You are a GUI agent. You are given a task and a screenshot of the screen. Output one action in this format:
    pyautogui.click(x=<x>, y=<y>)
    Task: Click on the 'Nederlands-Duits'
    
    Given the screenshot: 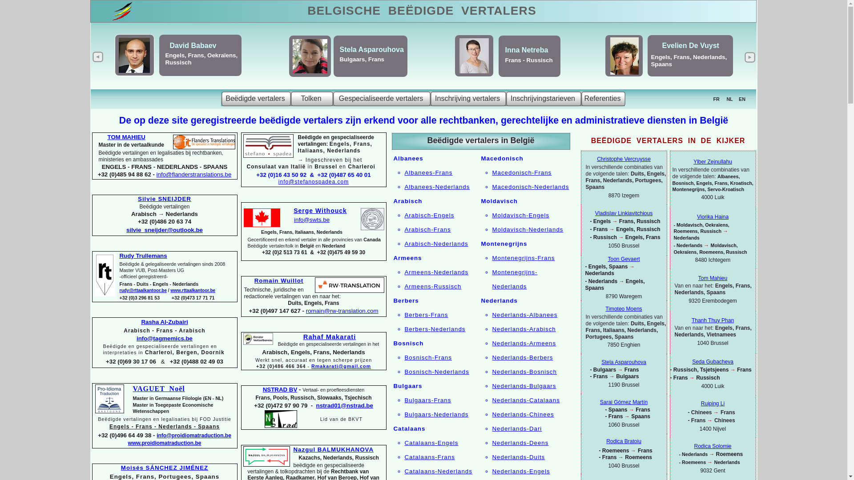 What is the action you would take?
    pyautogui.click(x=518, y=457)
    